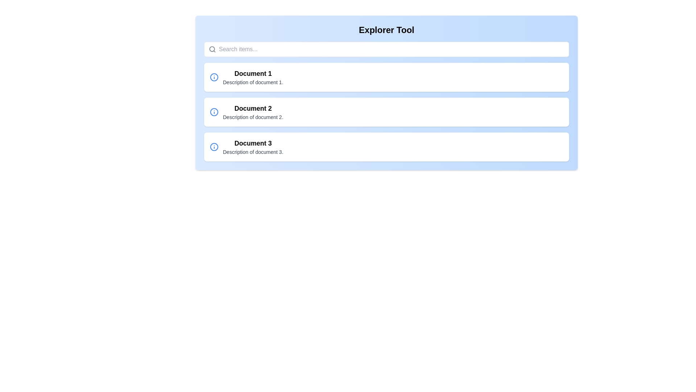 The height and width of the screenshot is (392, 696). What do you see at coordinates (253, 112) in the screenshot?
I see `the Textual Display Component for 'Document 2', which summarizes relevant information and is positioned in the Explorer Tool interface between 'Document 1' and 'Document 3'` at bounding box center [253, 112].